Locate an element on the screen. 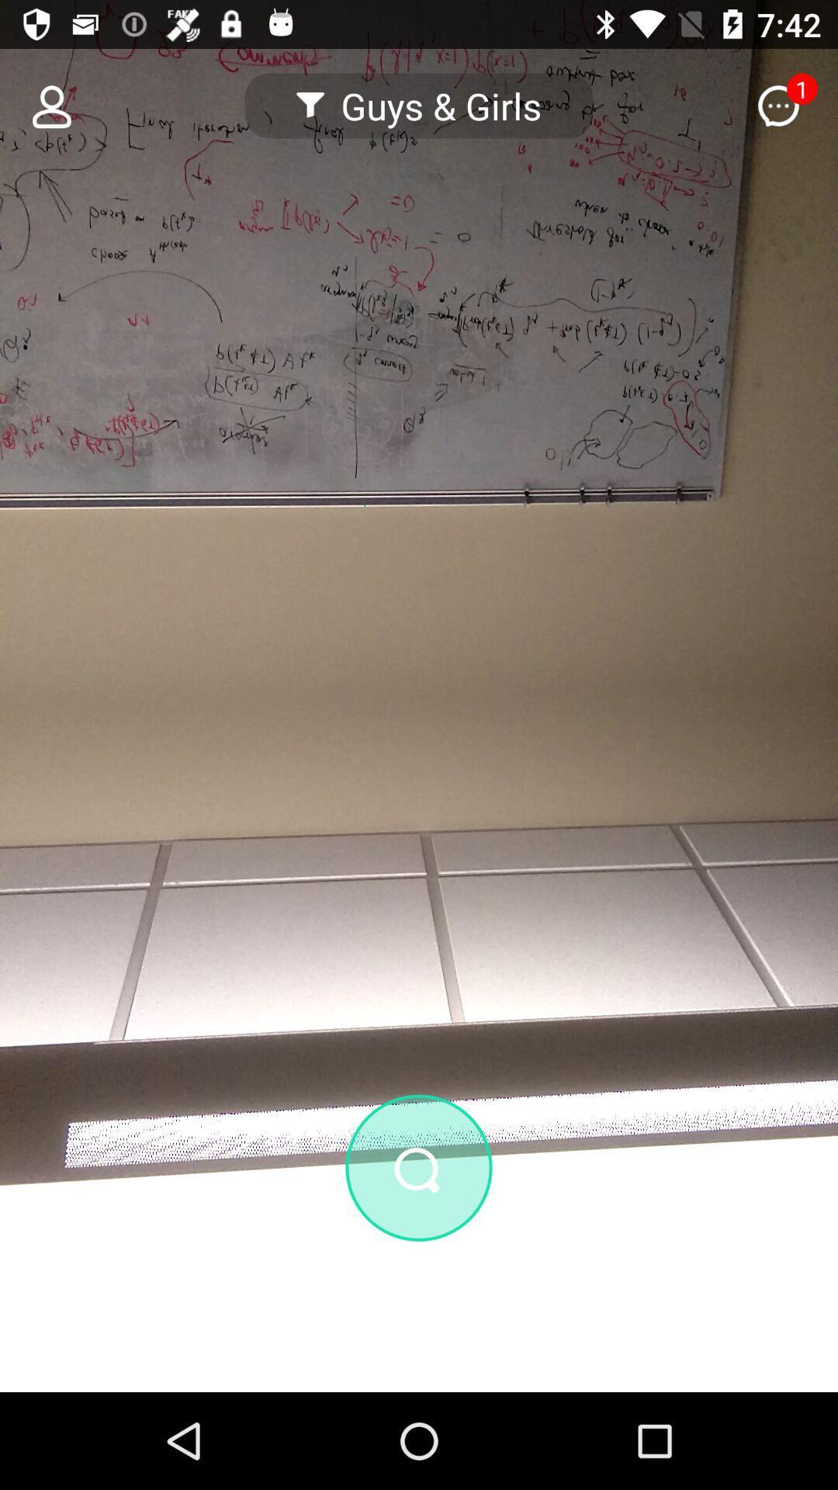 The width and height of the screenshot is (838, 1490). item below the guys & girls icon is located at coordinates (419, 1168).